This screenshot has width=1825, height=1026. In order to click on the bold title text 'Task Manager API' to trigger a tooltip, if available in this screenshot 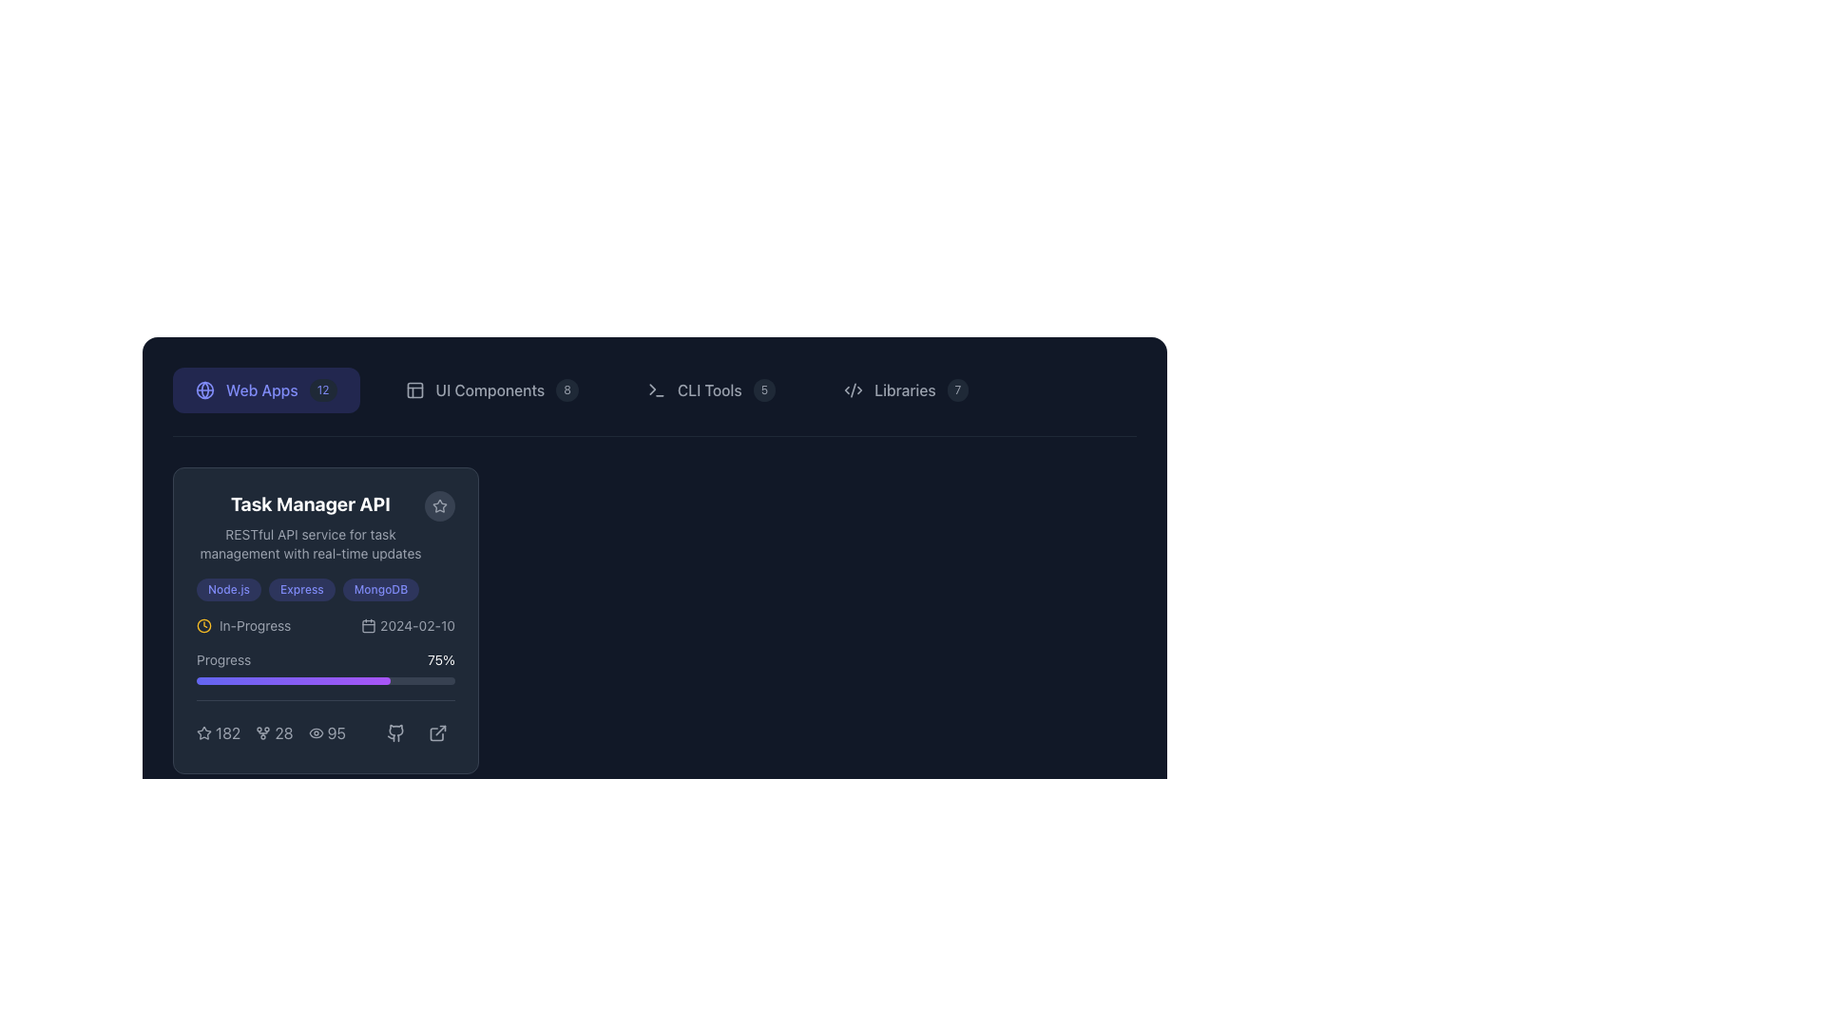, I will do `click(310, 503)`.